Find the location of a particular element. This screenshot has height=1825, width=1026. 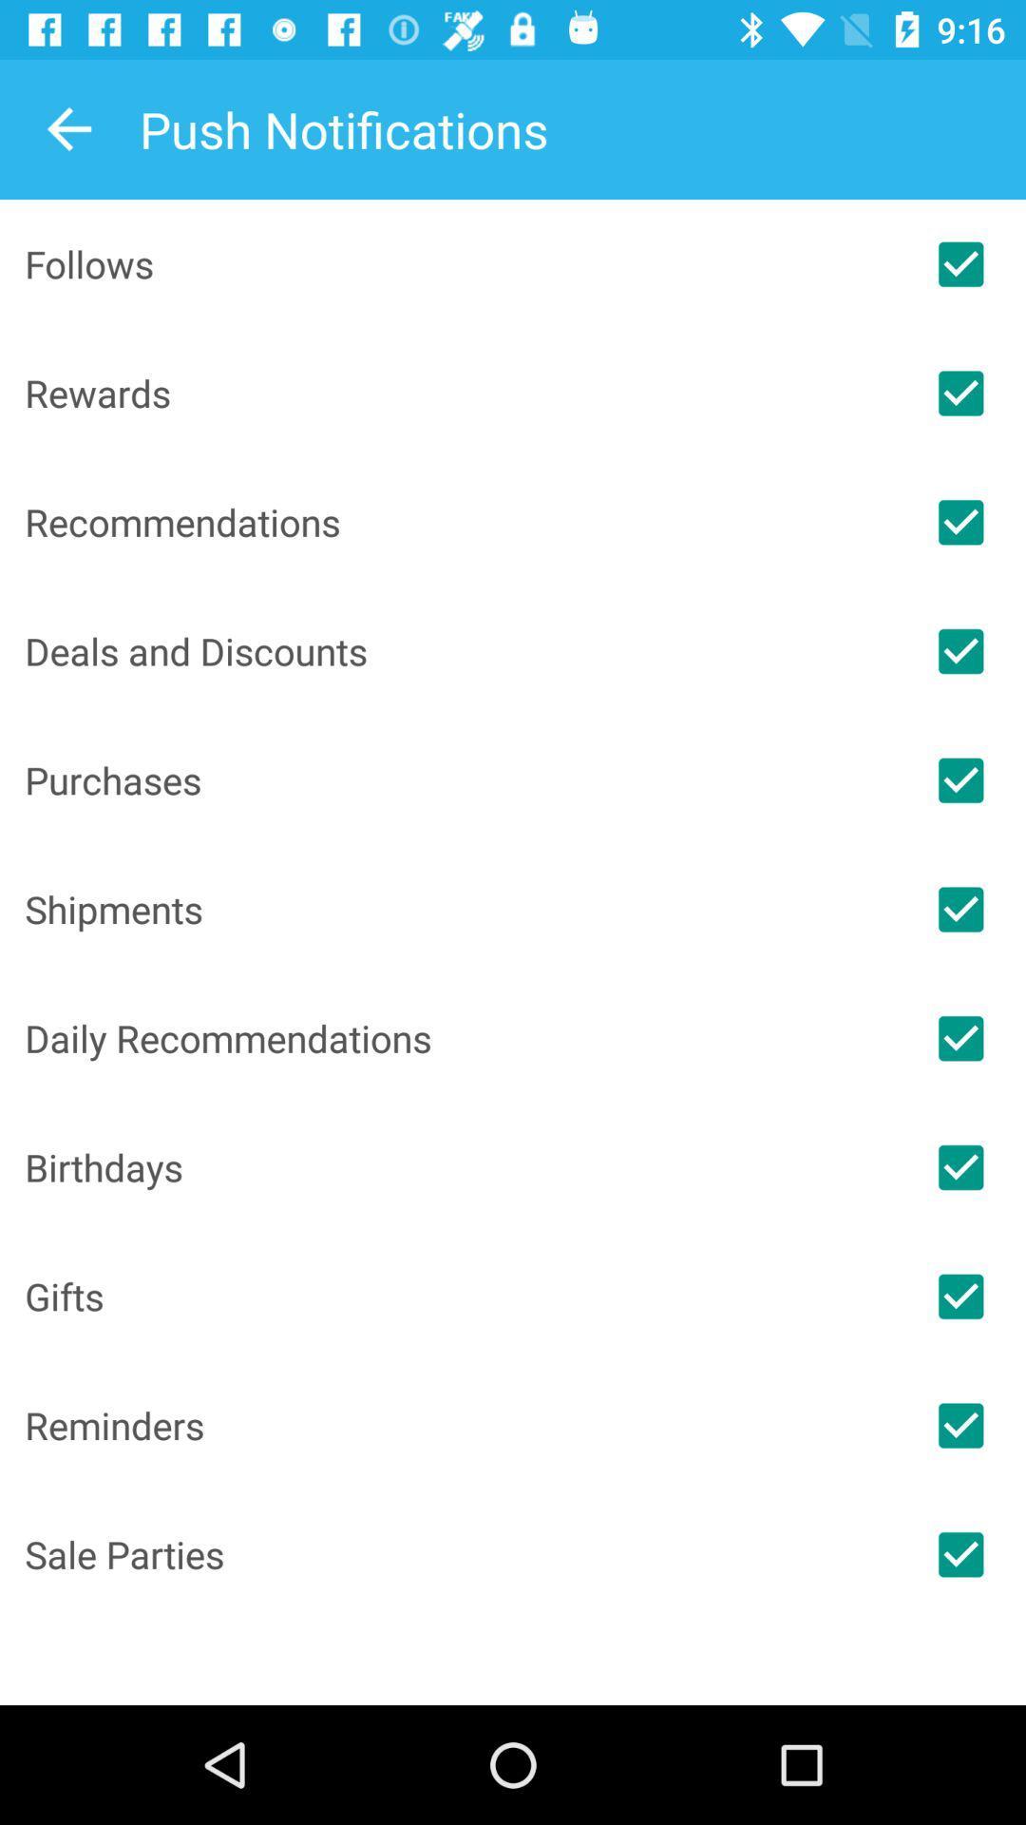

purchases icon is located at coordinates (460, 779).